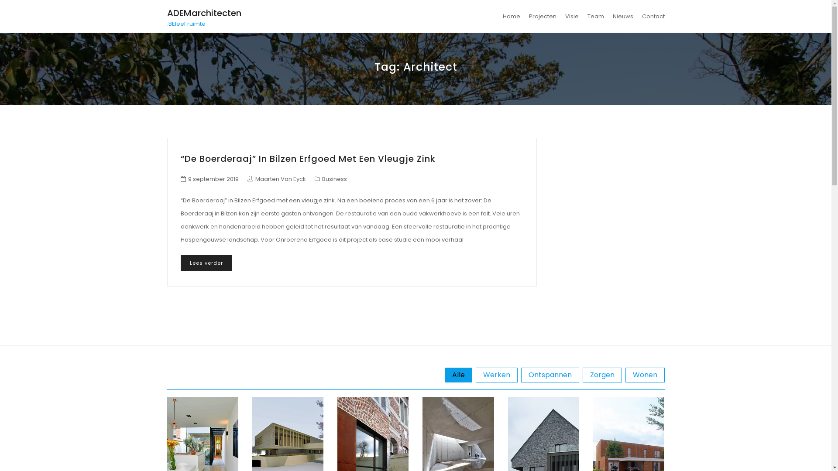 This screenshot has width=838, height=471. Describe the element at coordinates (457, 375) in the screenshot. I see `'Alle'` at that location.